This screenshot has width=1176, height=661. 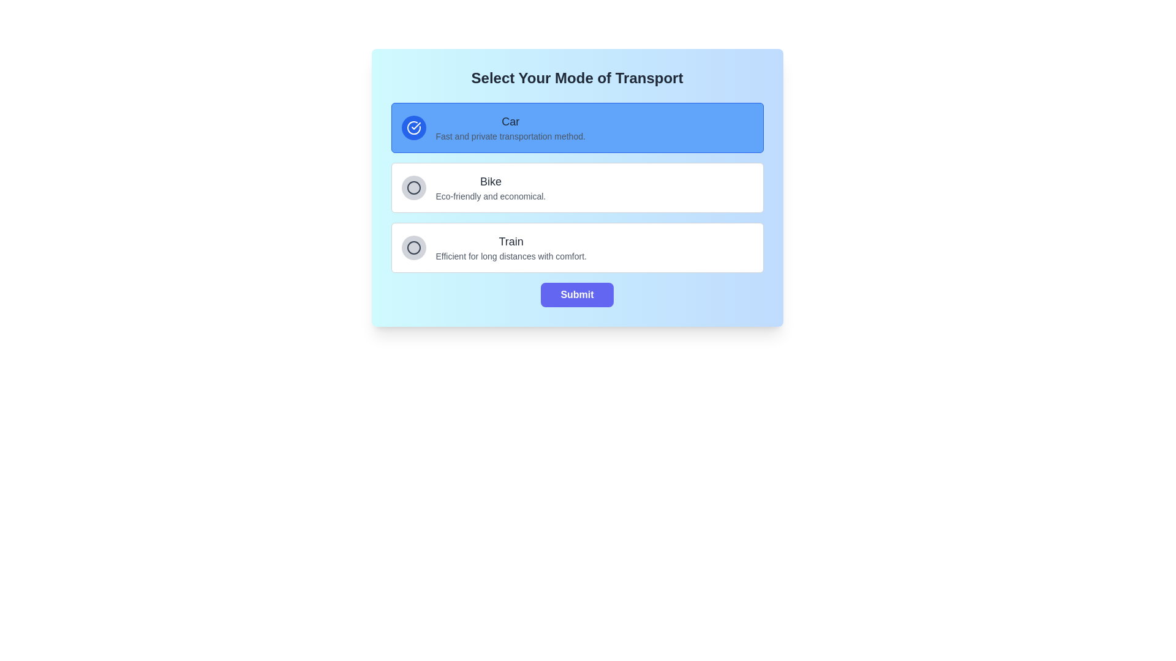 What do you see at coordinates (413, 188) in the screenshot?
I see `the radio button on the left side of the 'Bike' option` at bounding box center [413, 188].